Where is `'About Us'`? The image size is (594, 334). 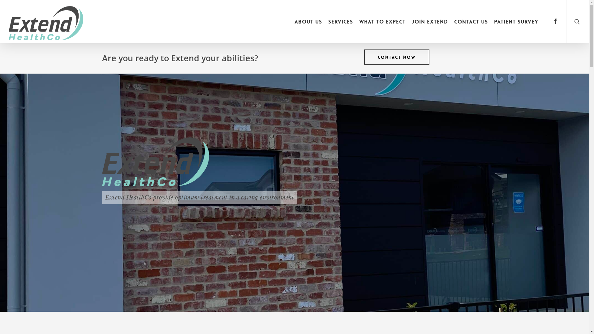
'About Us' is located at coordinates (308, 21).